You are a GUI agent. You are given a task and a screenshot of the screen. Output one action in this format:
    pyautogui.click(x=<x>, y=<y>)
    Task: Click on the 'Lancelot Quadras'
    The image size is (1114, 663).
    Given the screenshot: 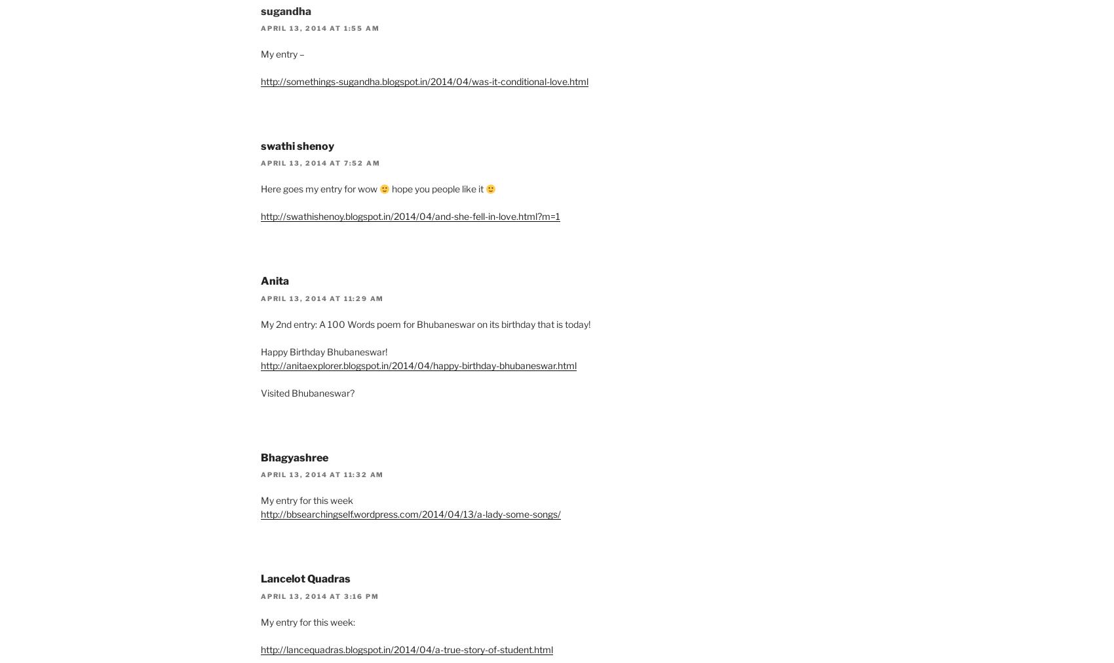 What is the action you would take?
    pyautogui.click(x=305, y=578)
    